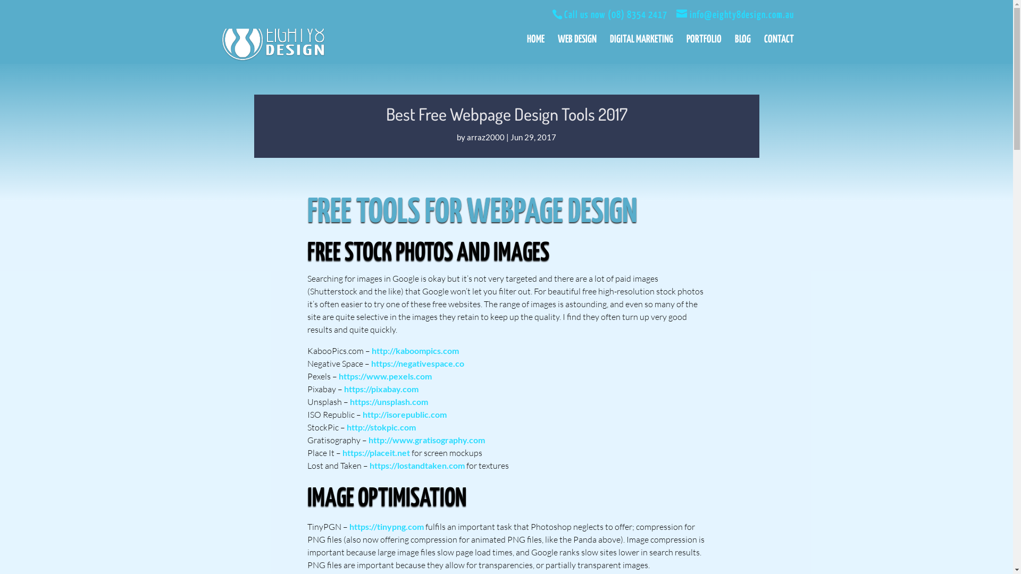  I want to click on 'https://placeit.net', so click(376, 452).